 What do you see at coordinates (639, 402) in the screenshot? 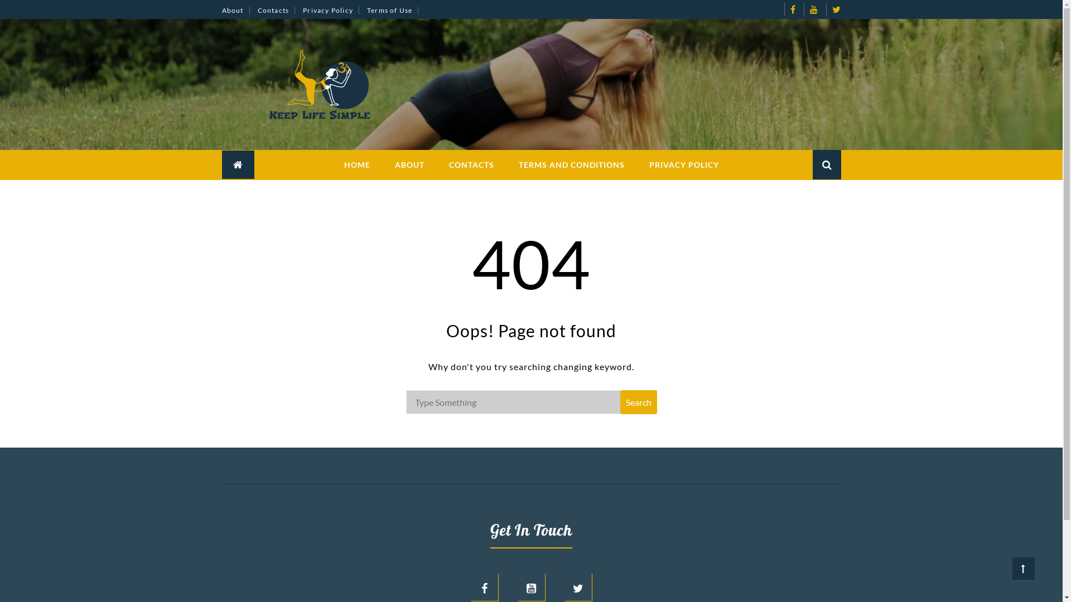
I see `'Search'` at bounding box center [639, 402].